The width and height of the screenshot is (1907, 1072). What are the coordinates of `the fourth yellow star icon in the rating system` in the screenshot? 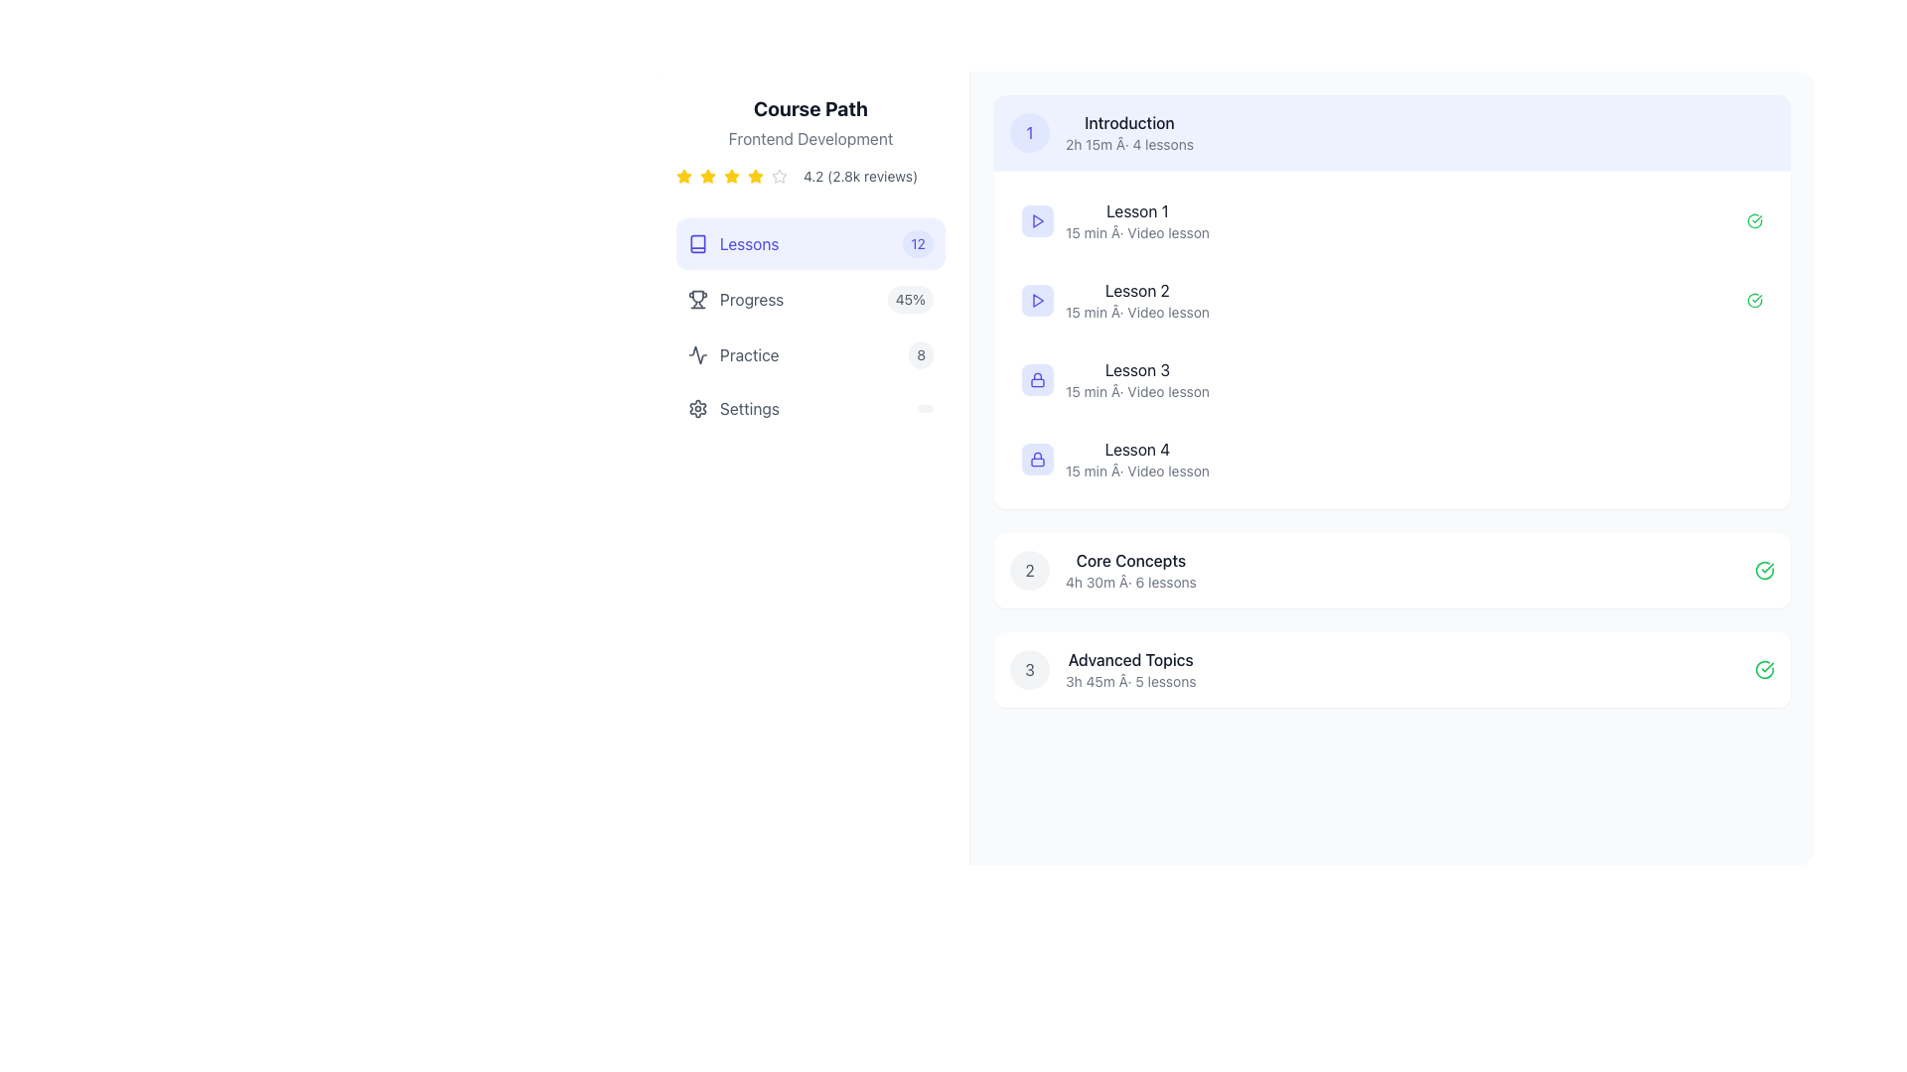 It's located at (755, 175).